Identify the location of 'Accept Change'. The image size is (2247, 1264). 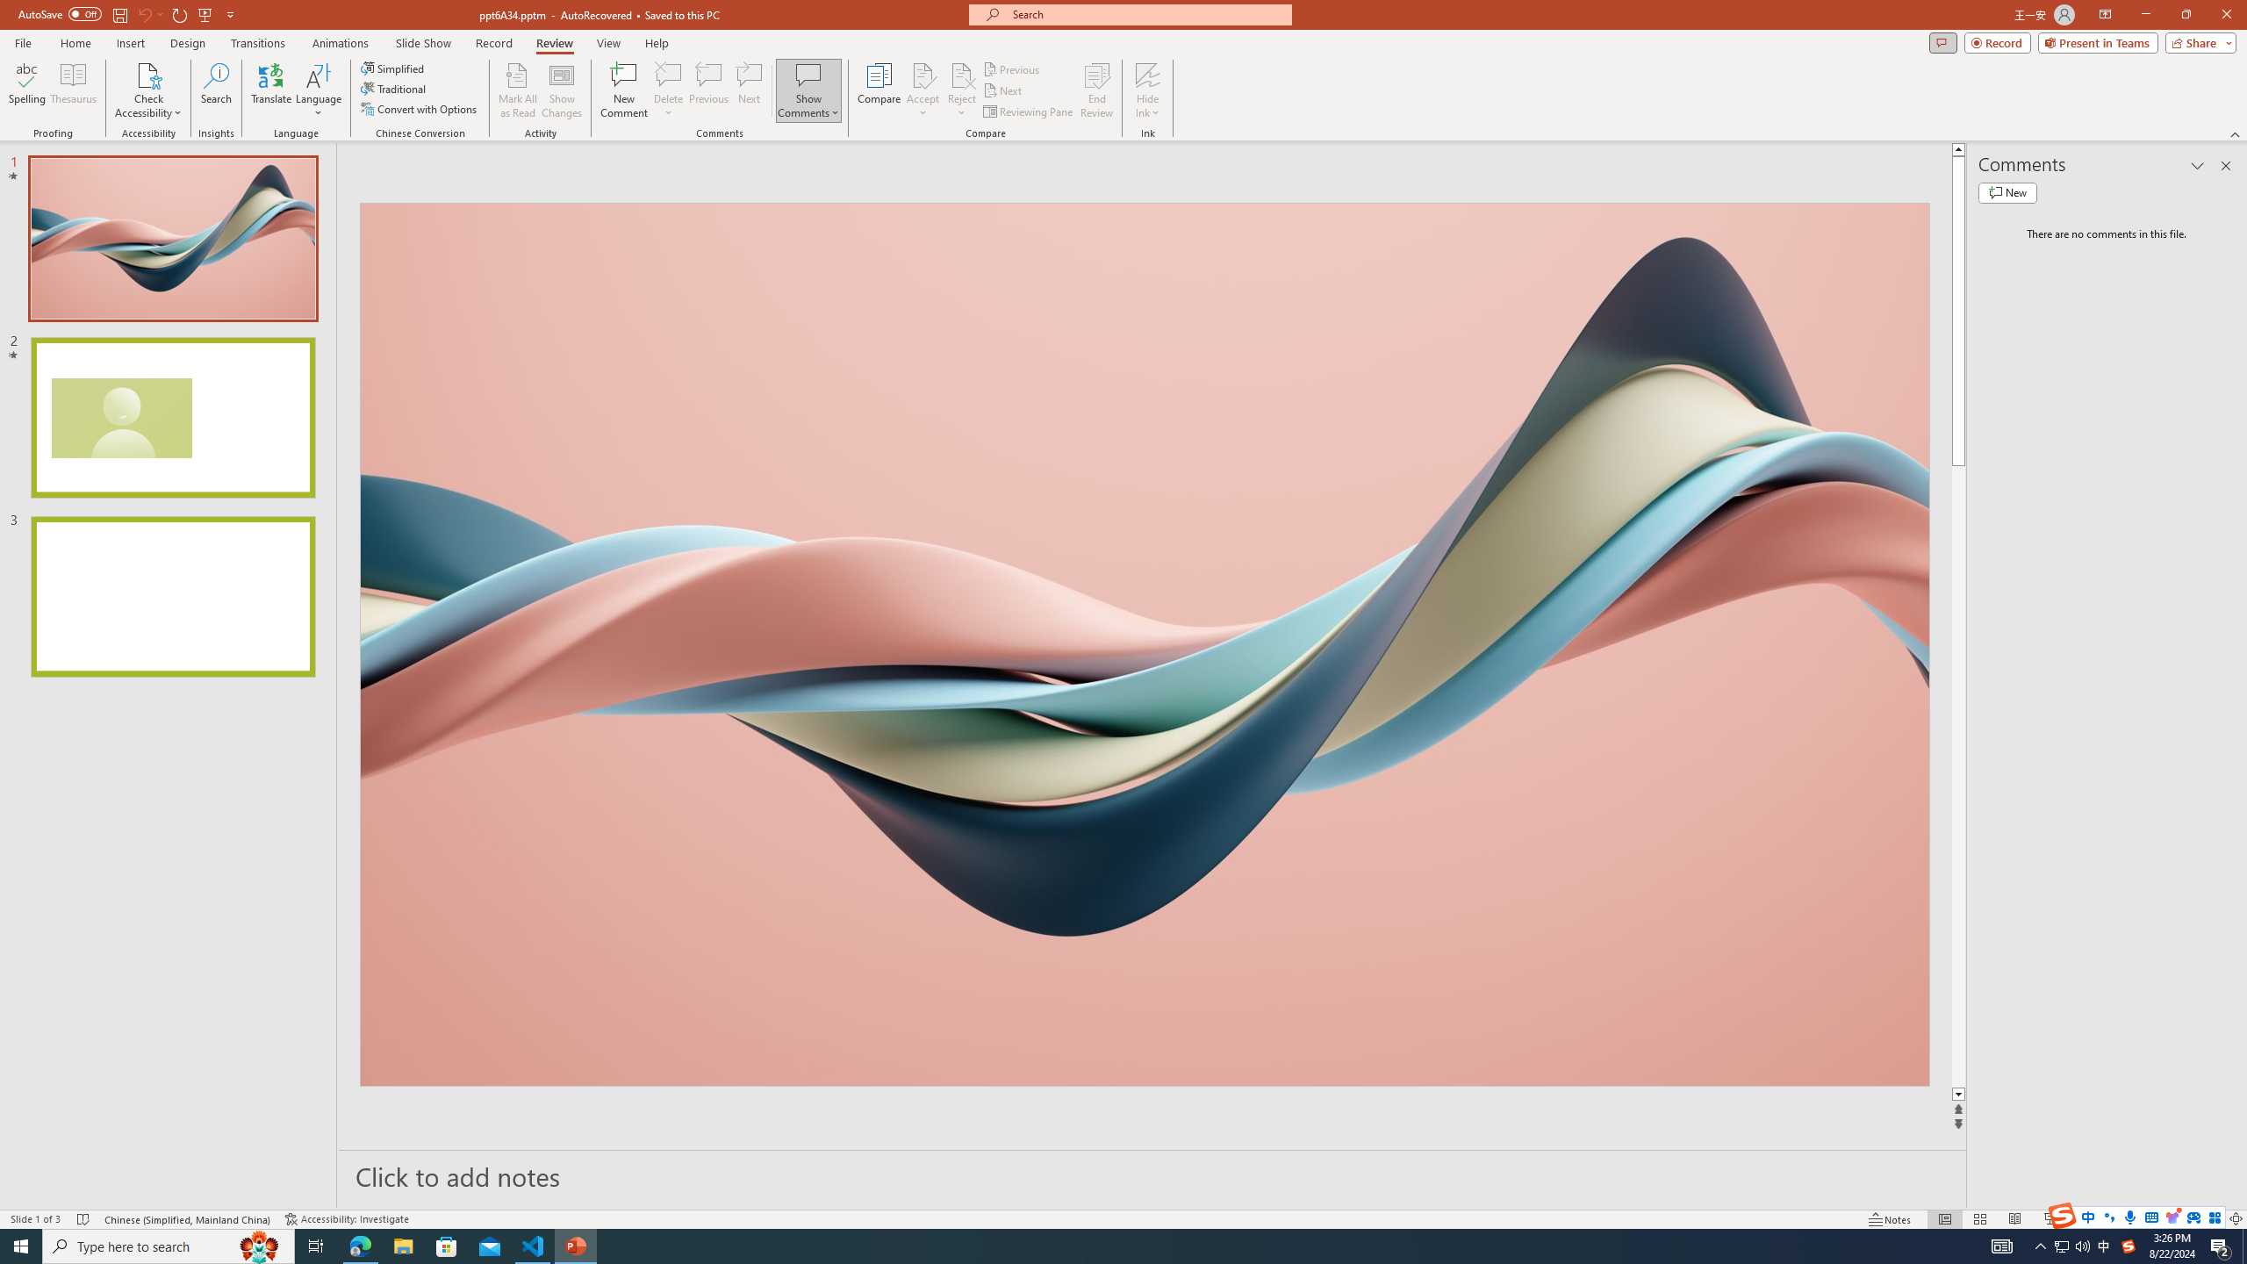
(922, 74).